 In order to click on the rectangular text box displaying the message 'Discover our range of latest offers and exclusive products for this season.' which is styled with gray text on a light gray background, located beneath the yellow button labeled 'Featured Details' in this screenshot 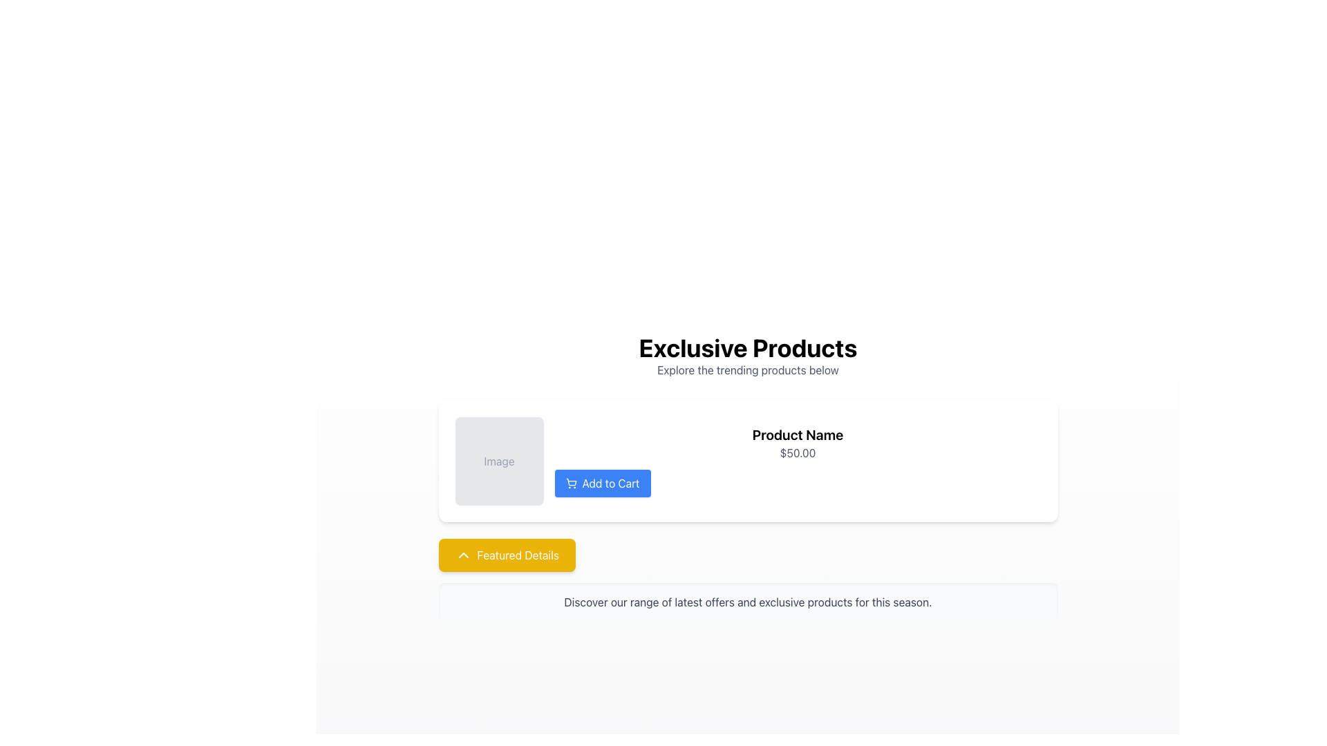, I will do `click(747, 601)`.